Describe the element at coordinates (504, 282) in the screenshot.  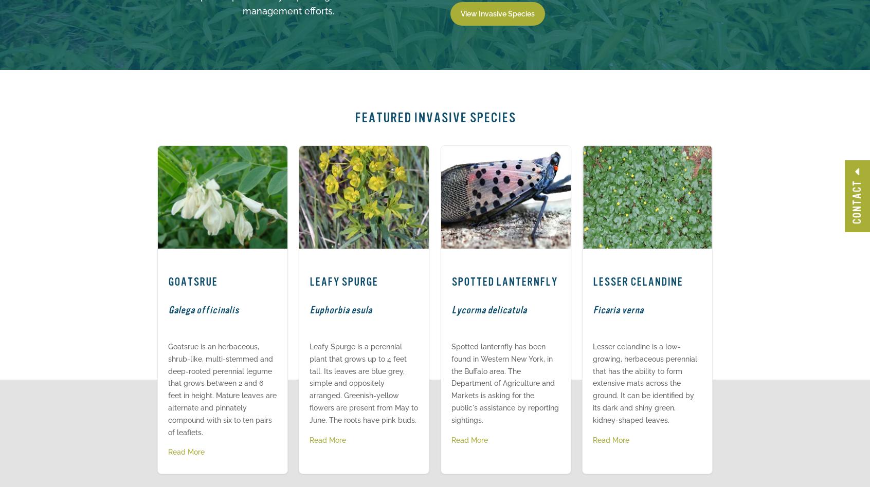
I see `'Spotted Lanternfly'` at that location.